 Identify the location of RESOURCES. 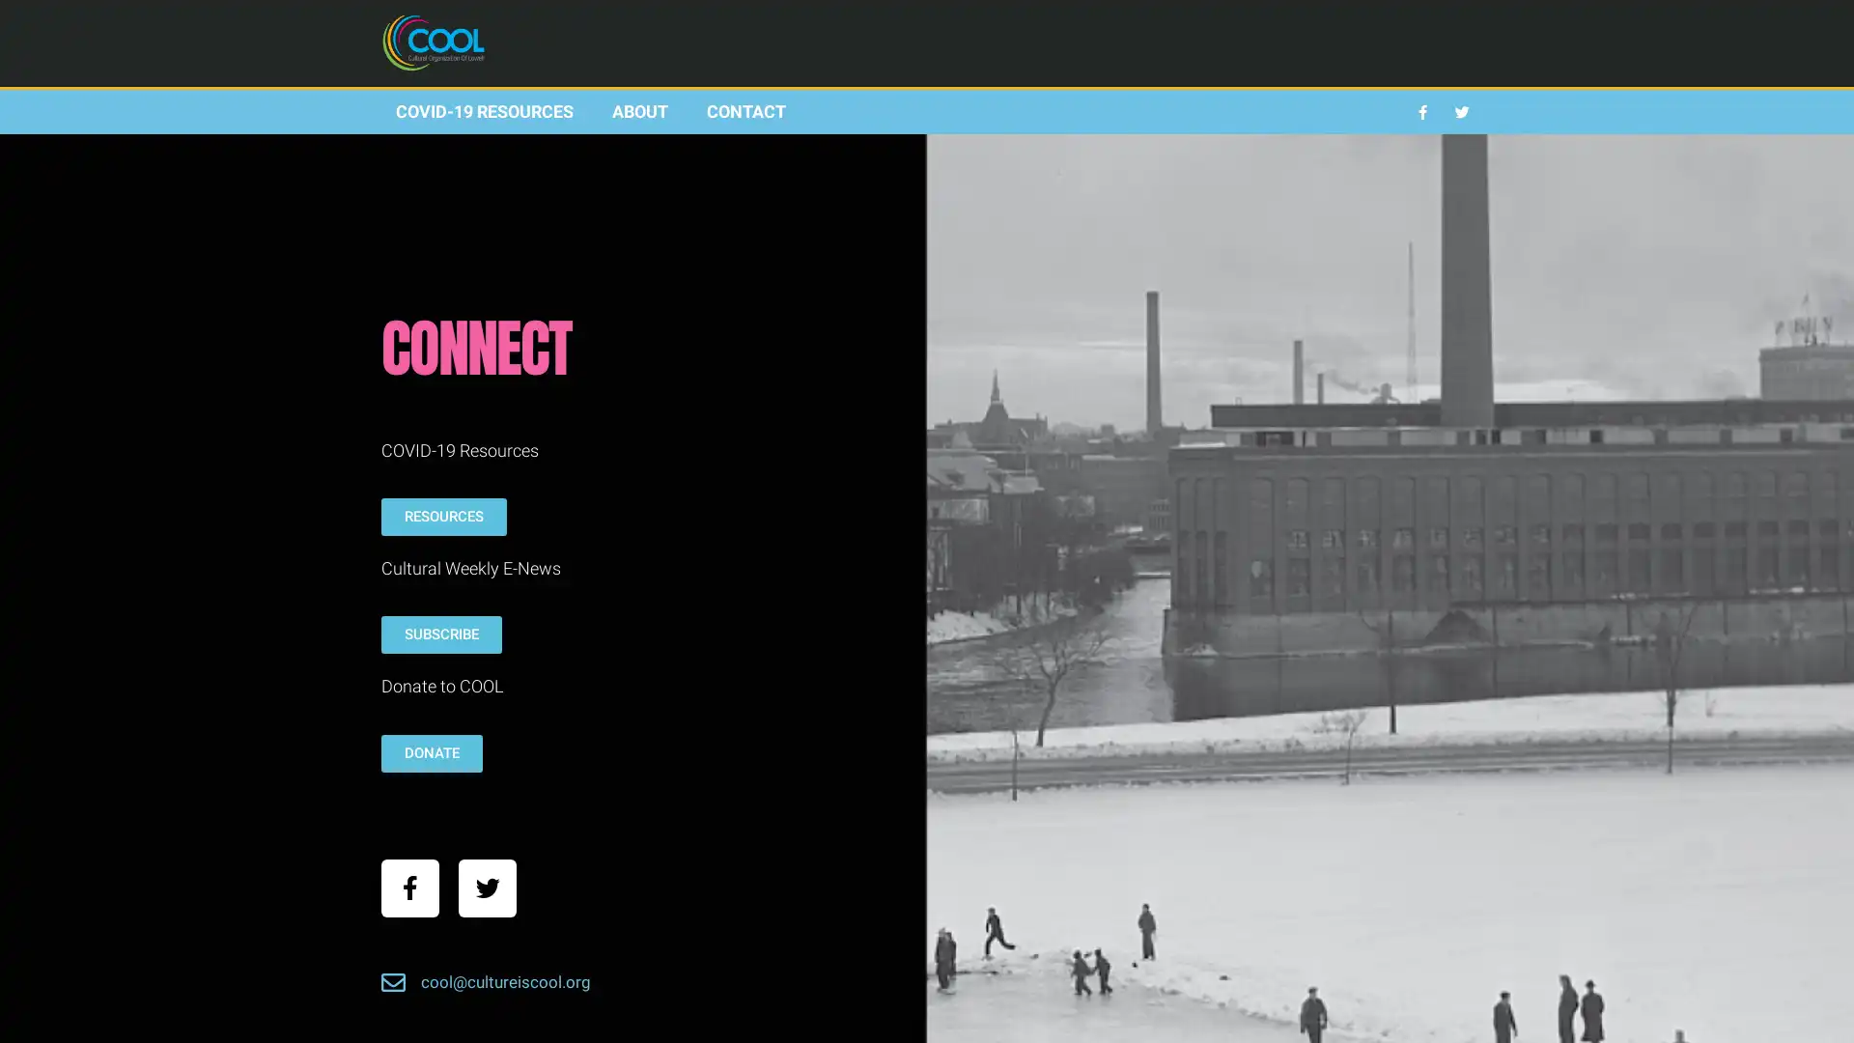
(443, 516).